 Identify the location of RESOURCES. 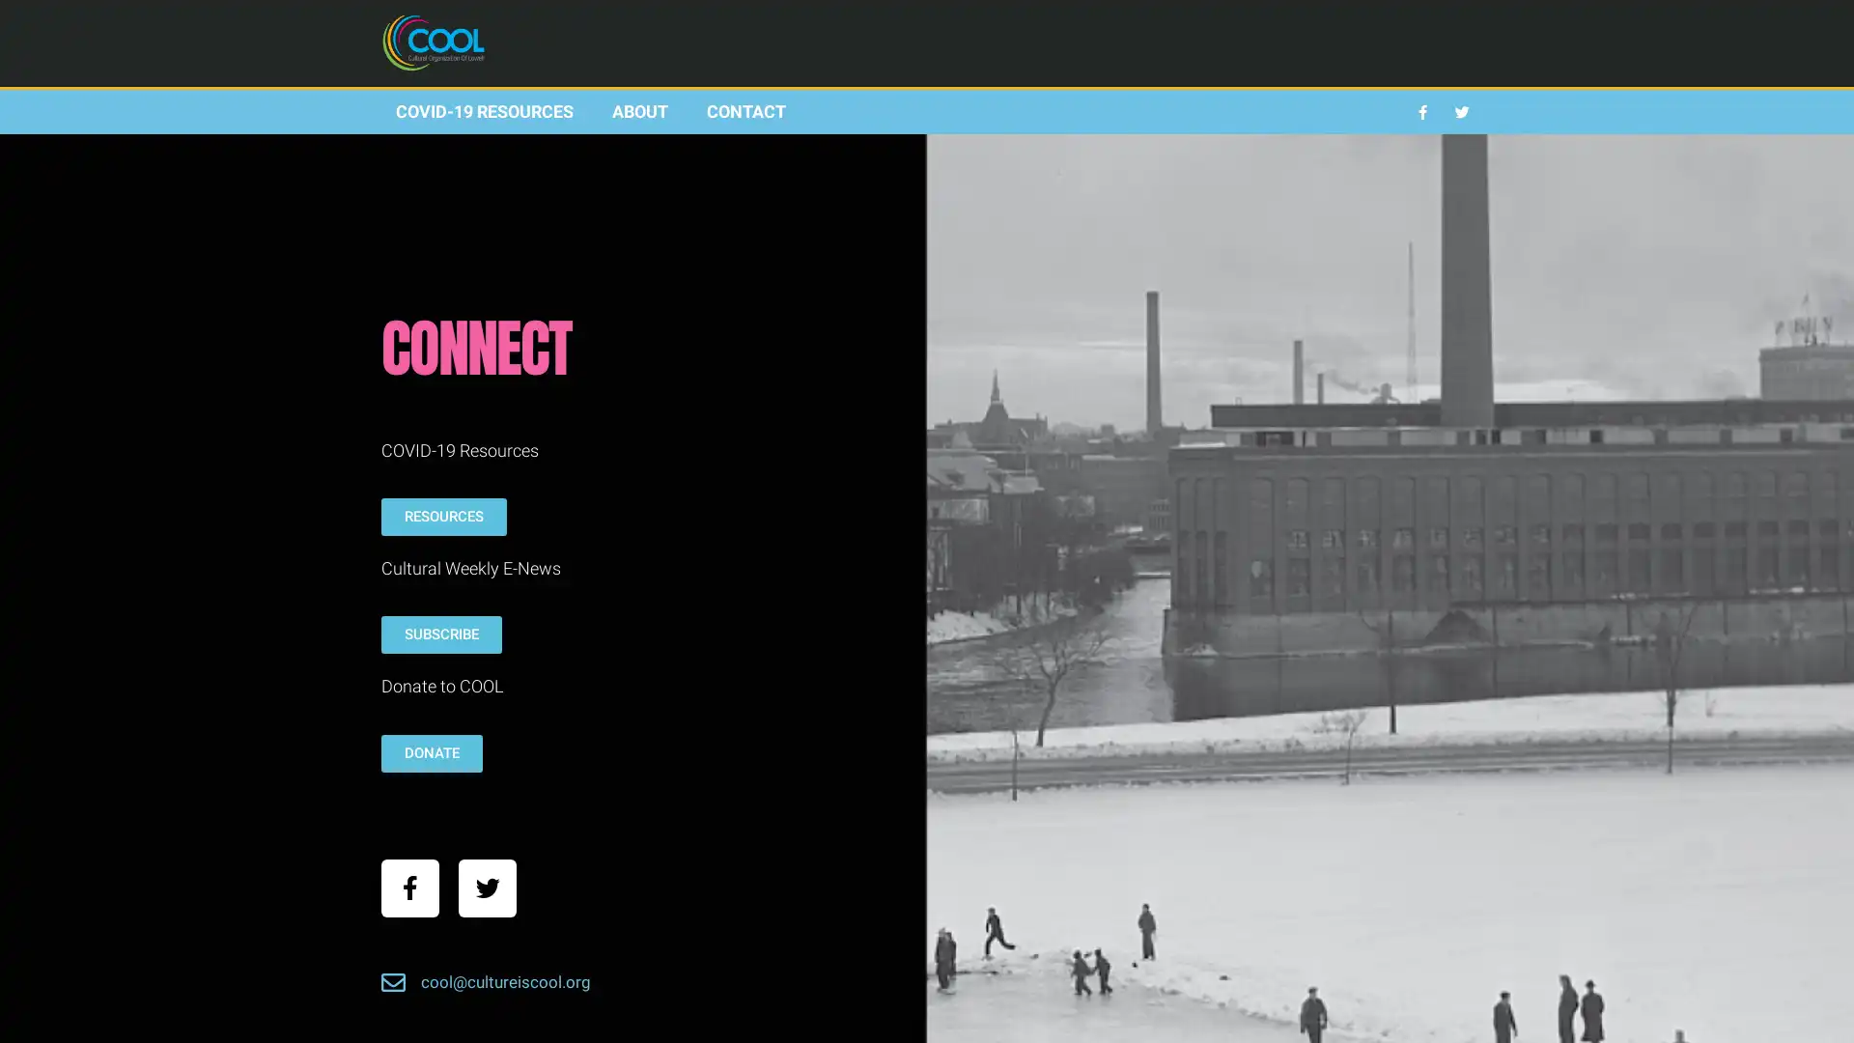
(443, 516).